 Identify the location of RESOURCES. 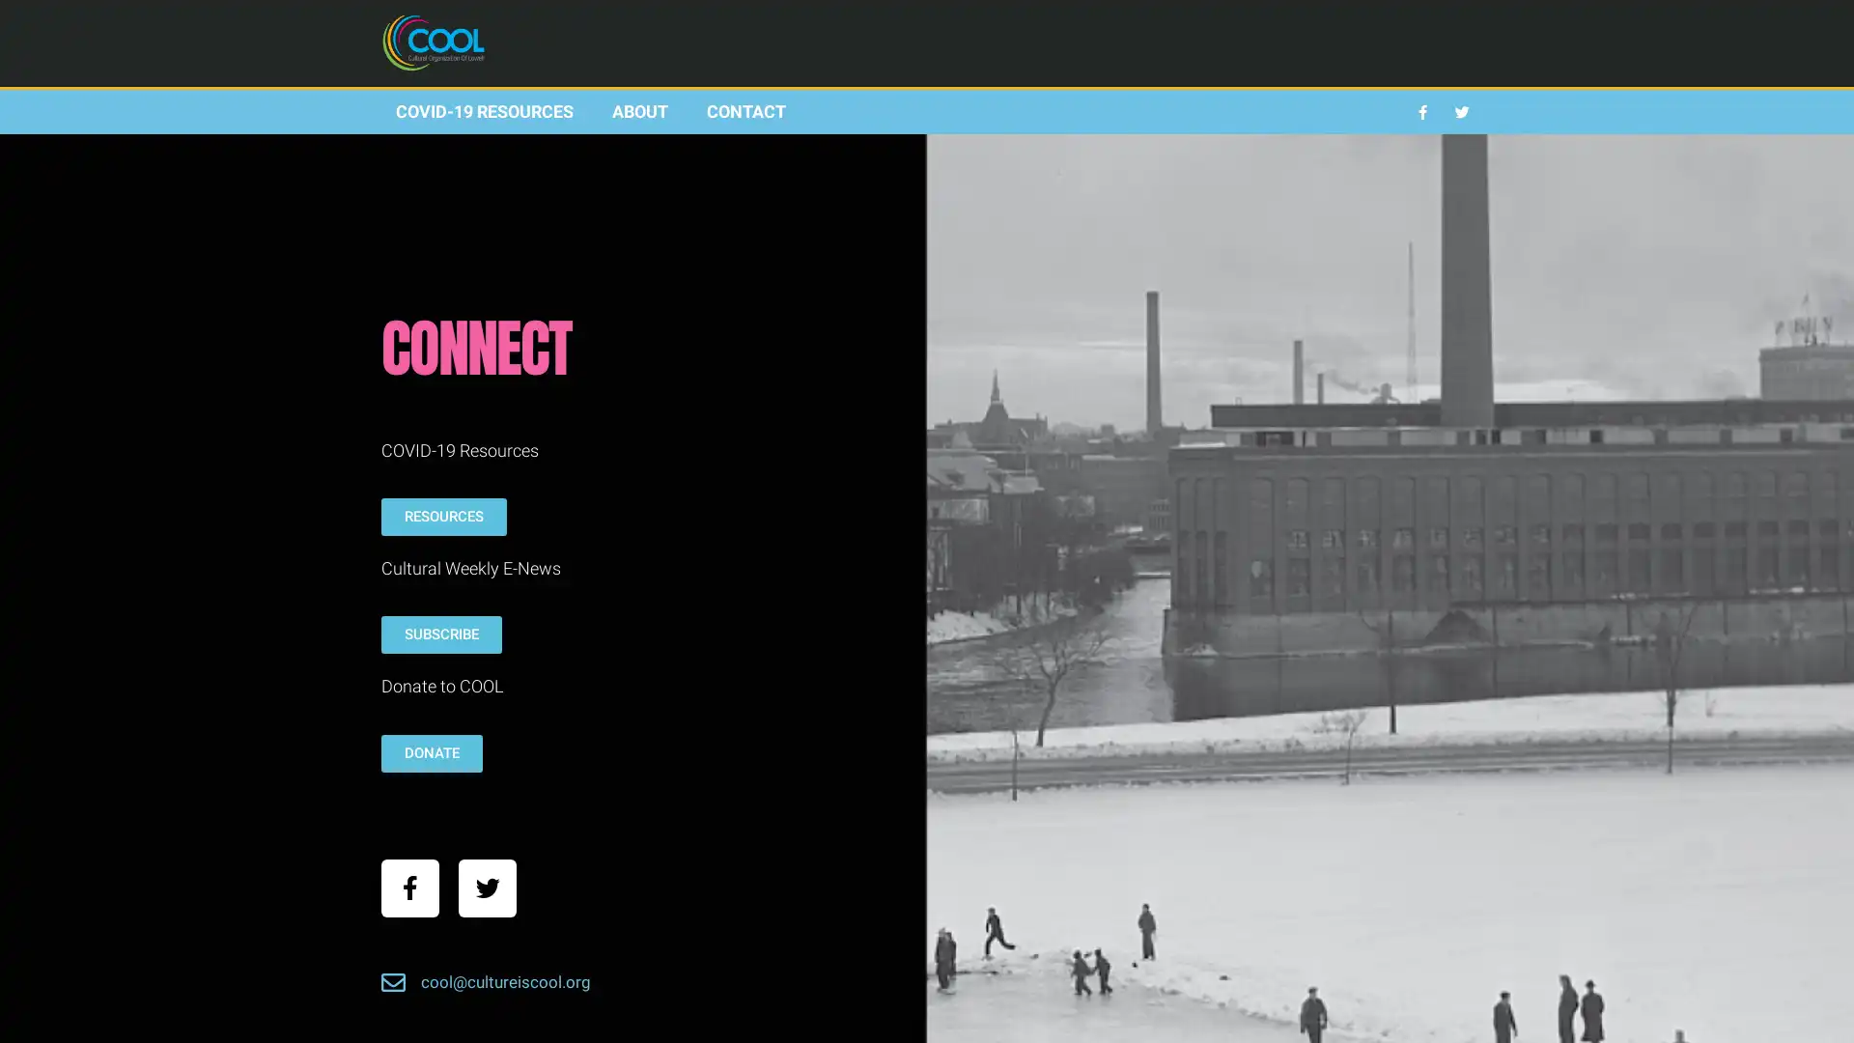
(443, 516).